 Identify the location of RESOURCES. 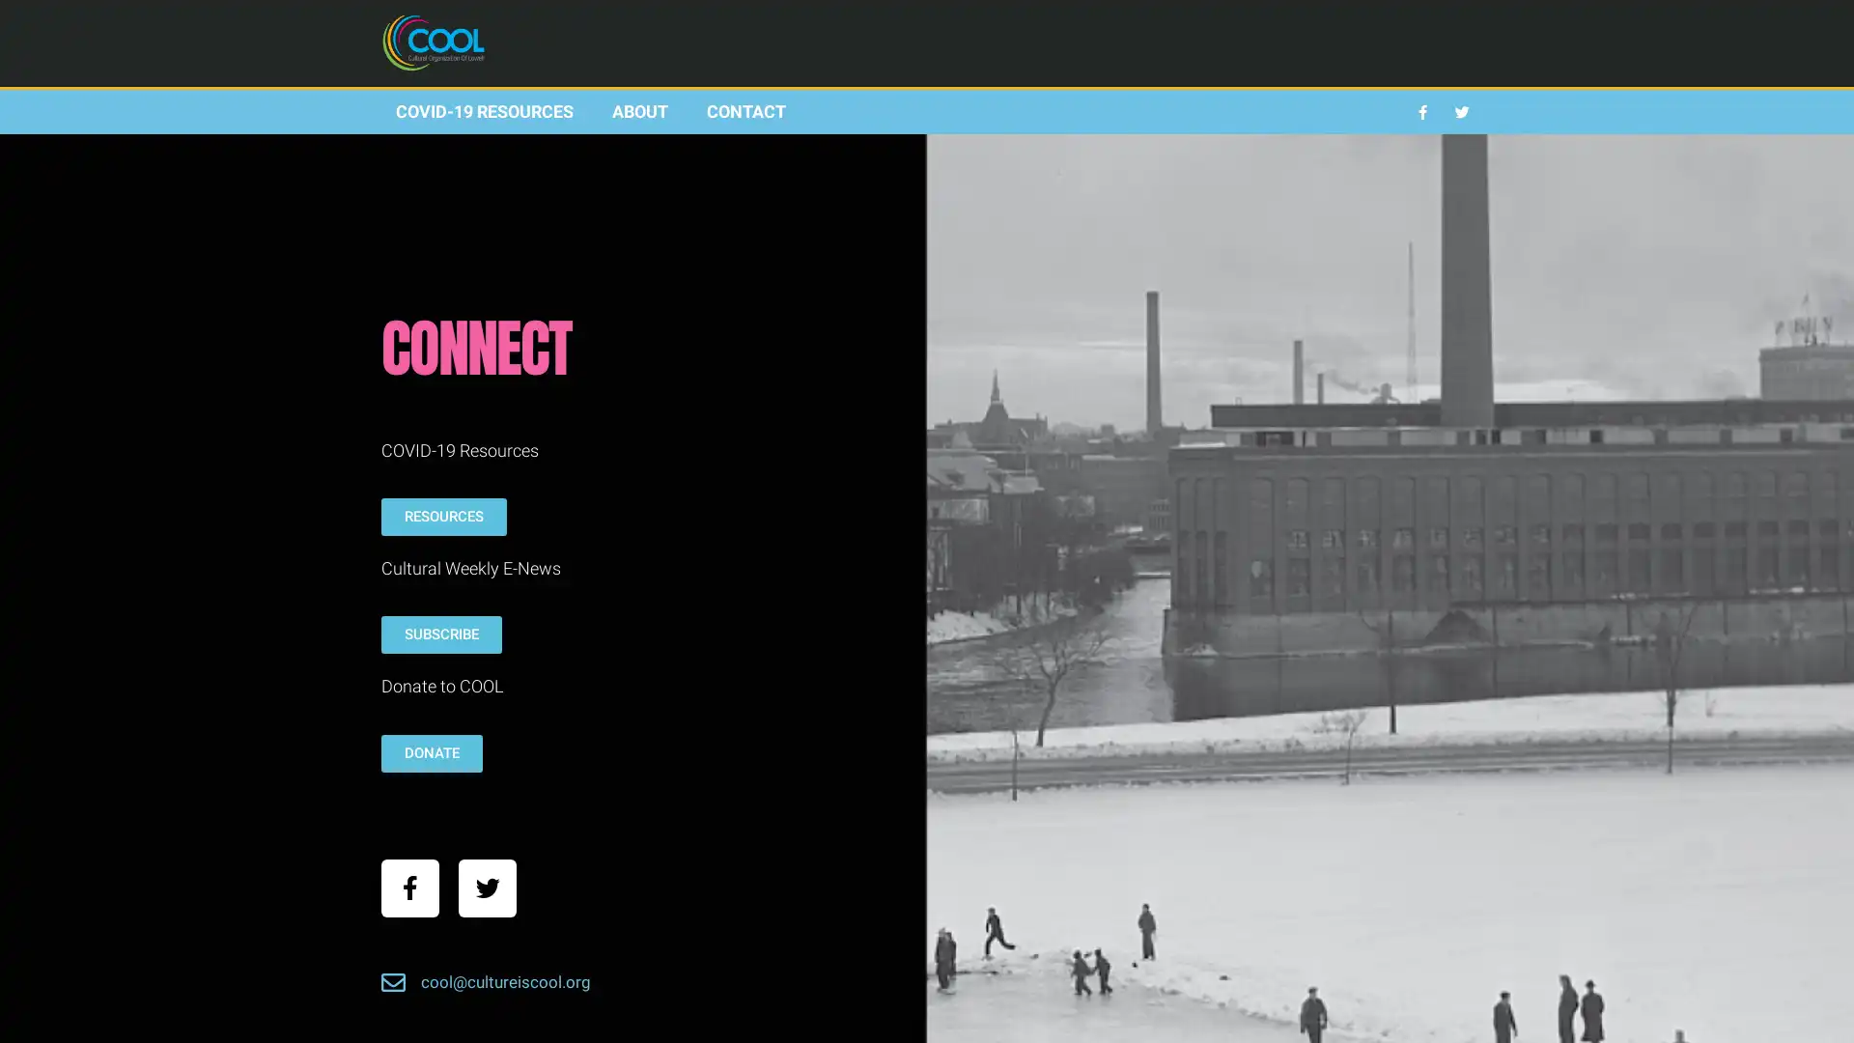
(443, 516).